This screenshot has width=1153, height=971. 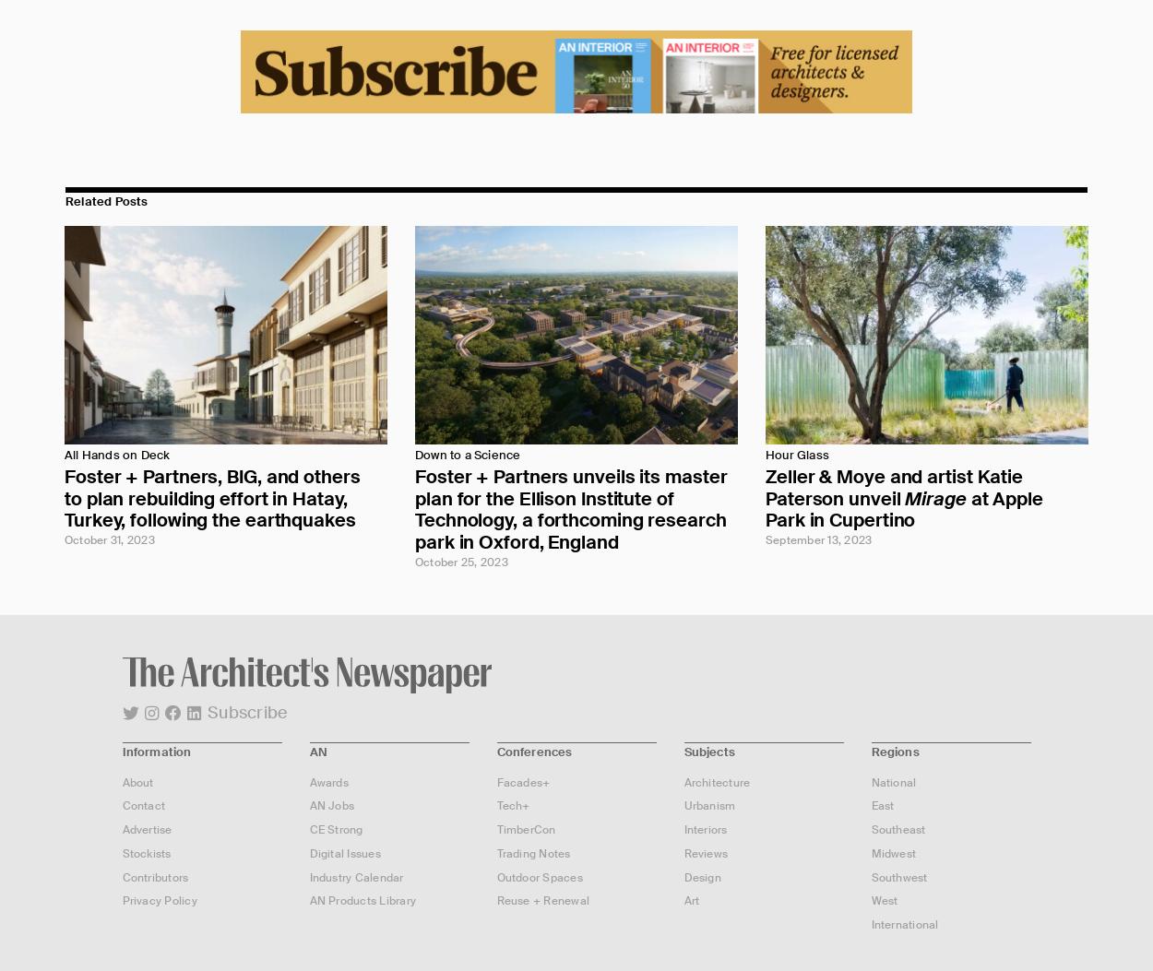 What do you see at coordinates (892, 780) in the screenshot?
I see `'National'` at bounding box center [892, 780].